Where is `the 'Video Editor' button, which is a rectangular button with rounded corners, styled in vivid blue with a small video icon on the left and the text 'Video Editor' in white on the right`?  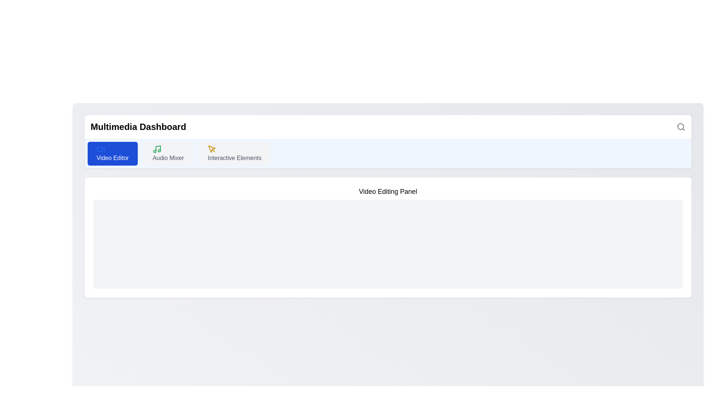
the 'Video Editor' button, which is a rectangular button with rounded corners, styled in vivid blue with a small video icon on the left and the text 'Video Editor' in white on the right is located at coordinates (112, 153).